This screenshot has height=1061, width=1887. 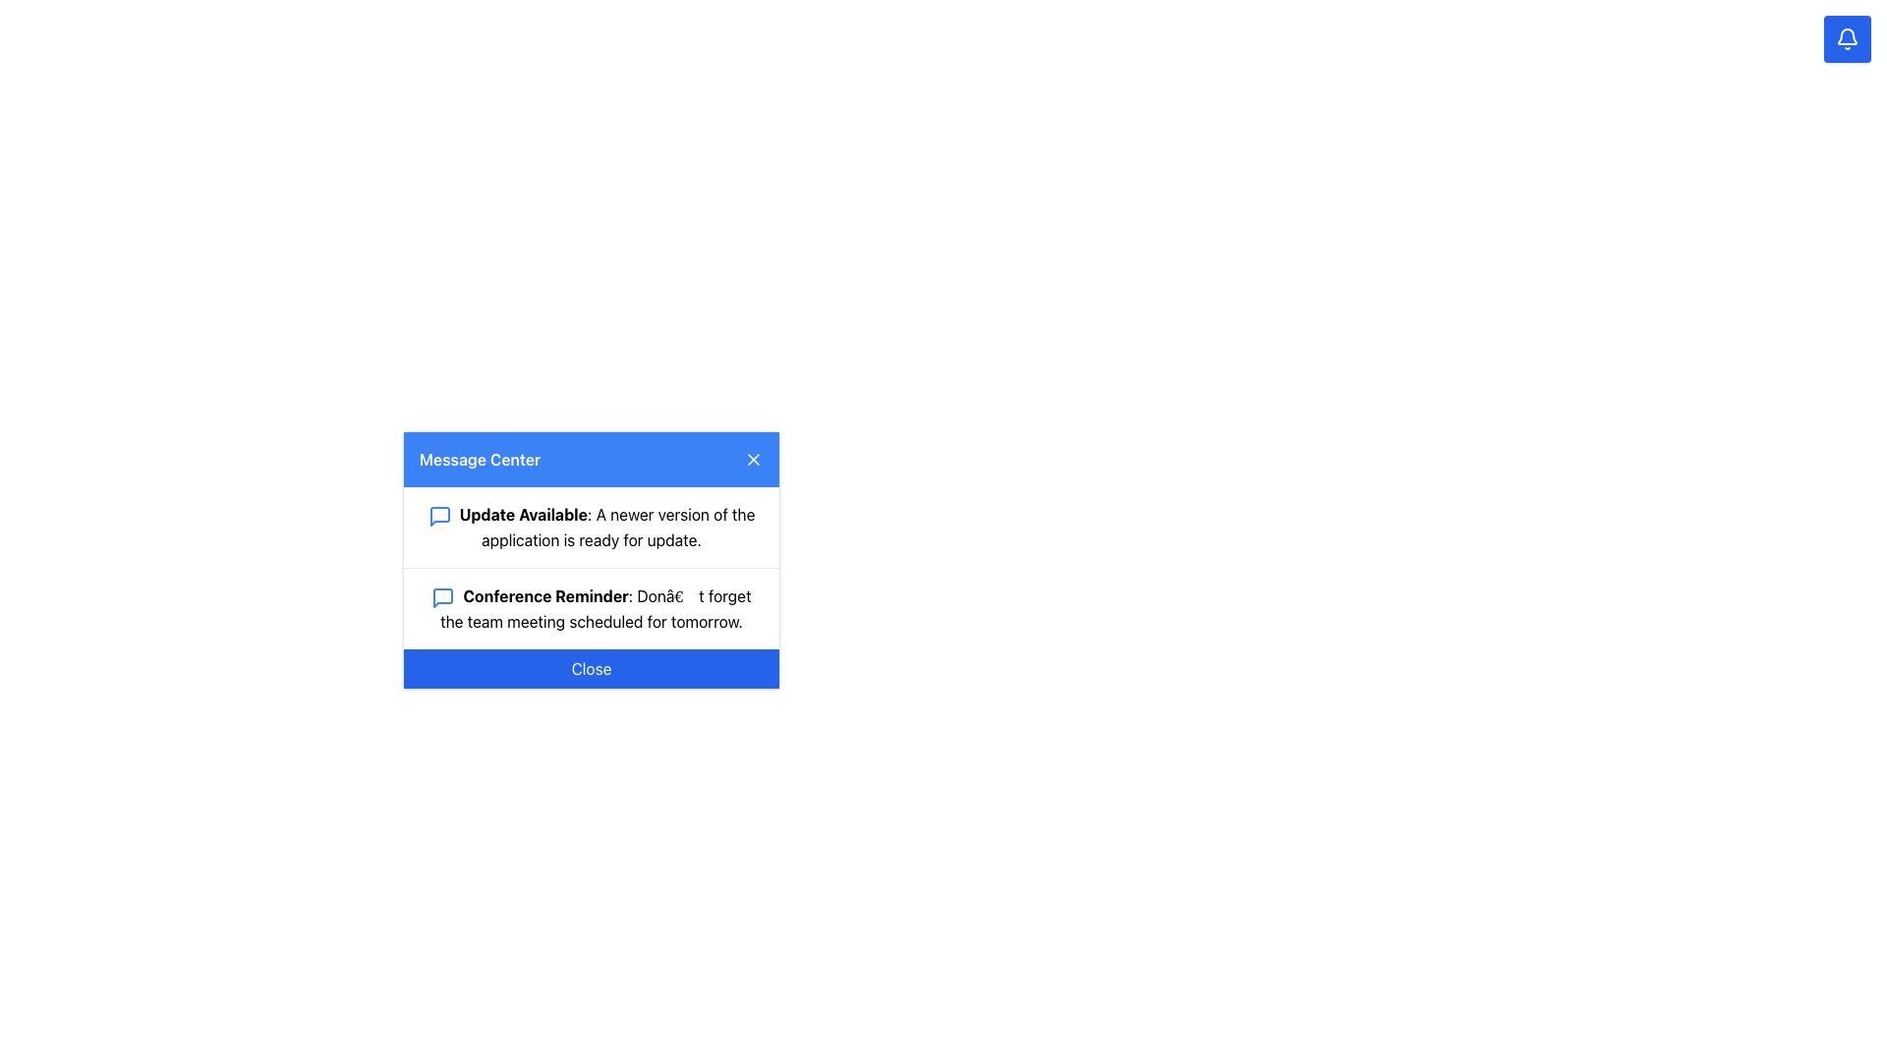 What do you see at coordinates (753, 459) in the screenshot?
I see `the small square 'X' button with a blue background located at the top-right corner of the 'Message Center' header bar` at bounding box center [753, 459].